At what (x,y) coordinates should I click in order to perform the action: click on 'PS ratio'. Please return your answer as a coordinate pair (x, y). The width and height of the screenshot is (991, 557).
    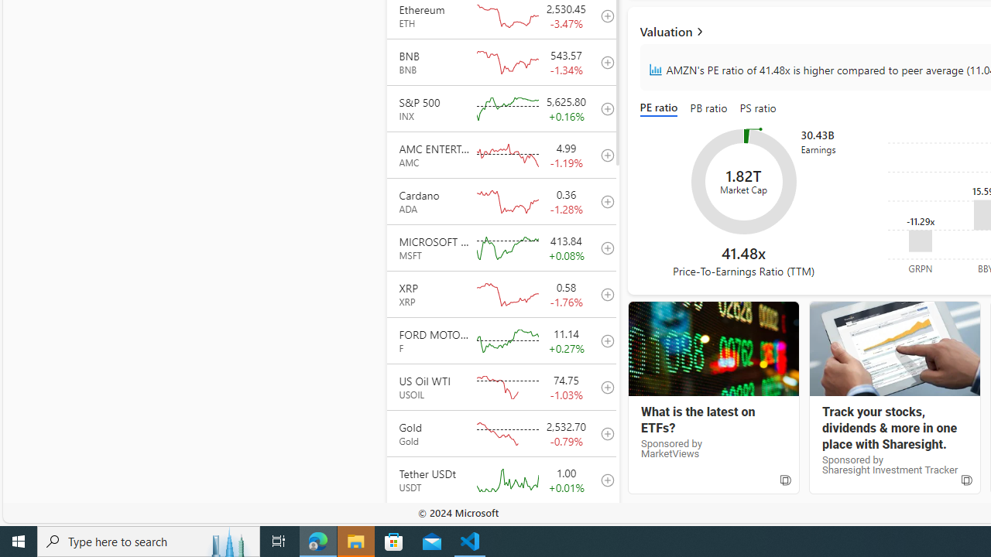
    Looking at the image, I should click on (758, 108).